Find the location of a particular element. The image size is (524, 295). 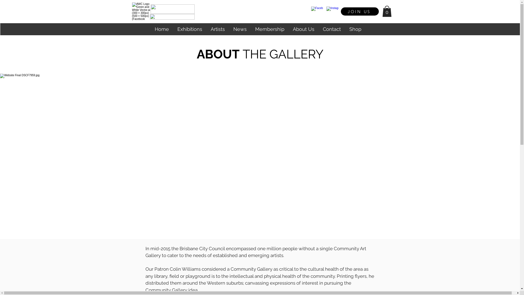

'Untitled design (44).png' is located at coordinates (149, 16).